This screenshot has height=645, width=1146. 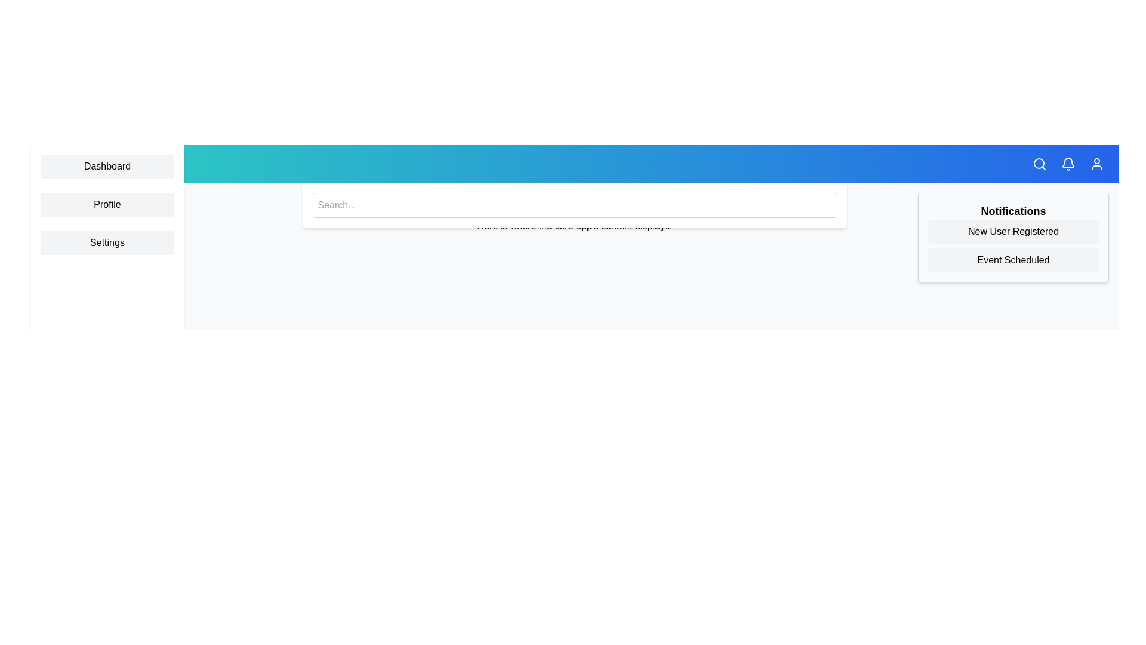 What do you see at coordinates (107, 242) in the screenshot?
I see `the 'Settings' button located in the left vertical menu panel to change its background color` at bounding box center [107, 242].